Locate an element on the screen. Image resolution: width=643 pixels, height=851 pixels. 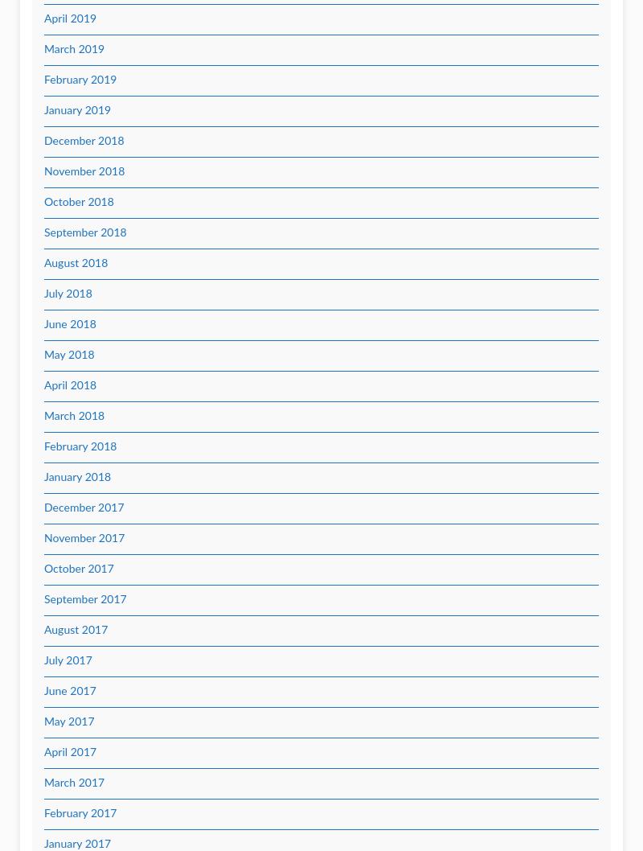
'July 2018' is located at coordinates (68, 294).